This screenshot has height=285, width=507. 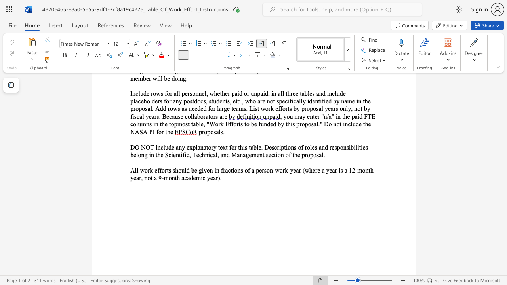 What do you see at coordinates (223, 170) in the screenshot?
I see `the space between the continuous character "f" and "r" in the text` at bounding box center [223, 170].